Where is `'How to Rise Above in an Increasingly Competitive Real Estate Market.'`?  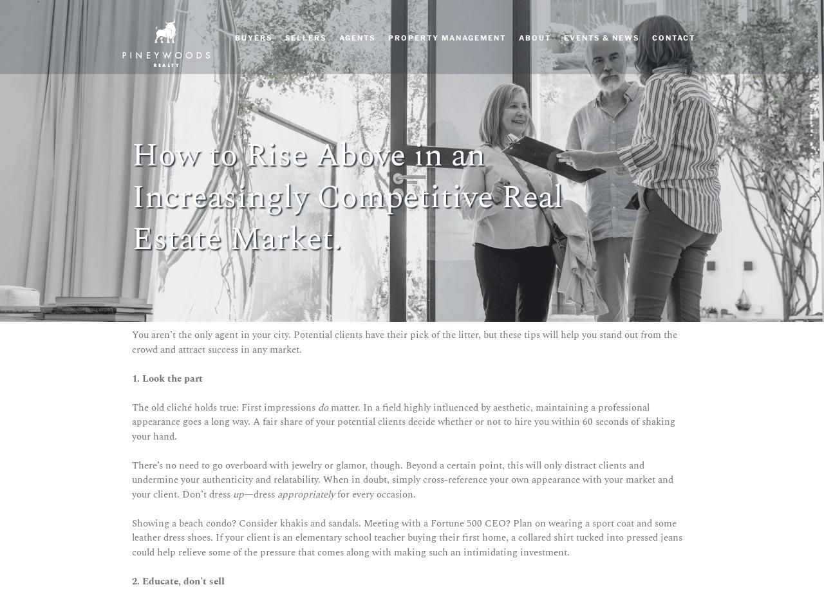 'How to Rise Above in an Increasingly Competitive Real Estate Market.' is located at coordinates (348, 197).